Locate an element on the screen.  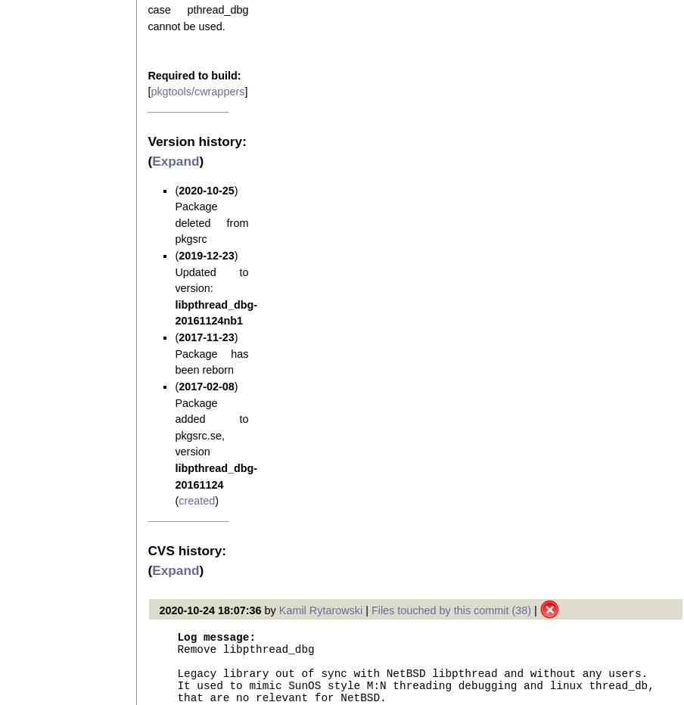
'libpthread_dbg-20161124' is located at coordinates (216, 475).